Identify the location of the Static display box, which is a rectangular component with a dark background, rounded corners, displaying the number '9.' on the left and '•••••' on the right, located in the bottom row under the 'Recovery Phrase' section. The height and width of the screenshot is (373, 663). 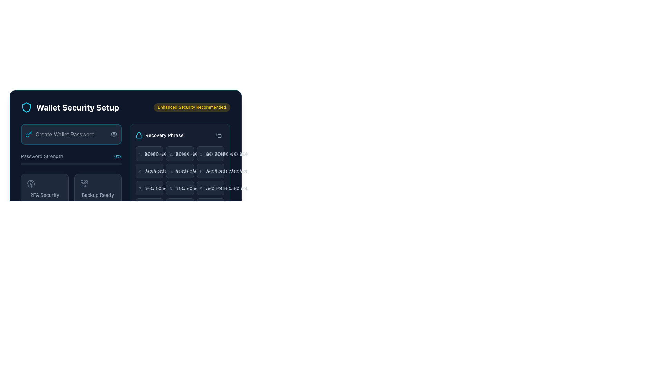
(210, 188).